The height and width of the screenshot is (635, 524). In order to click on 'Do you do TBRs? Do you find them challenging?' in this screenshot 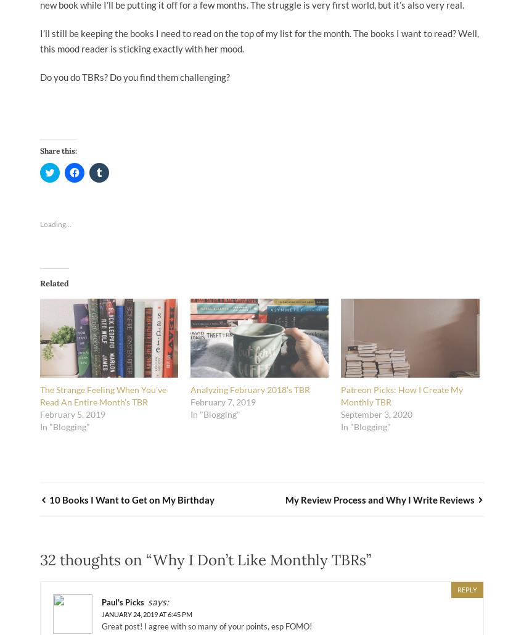, I will do `click(134, 77)`.